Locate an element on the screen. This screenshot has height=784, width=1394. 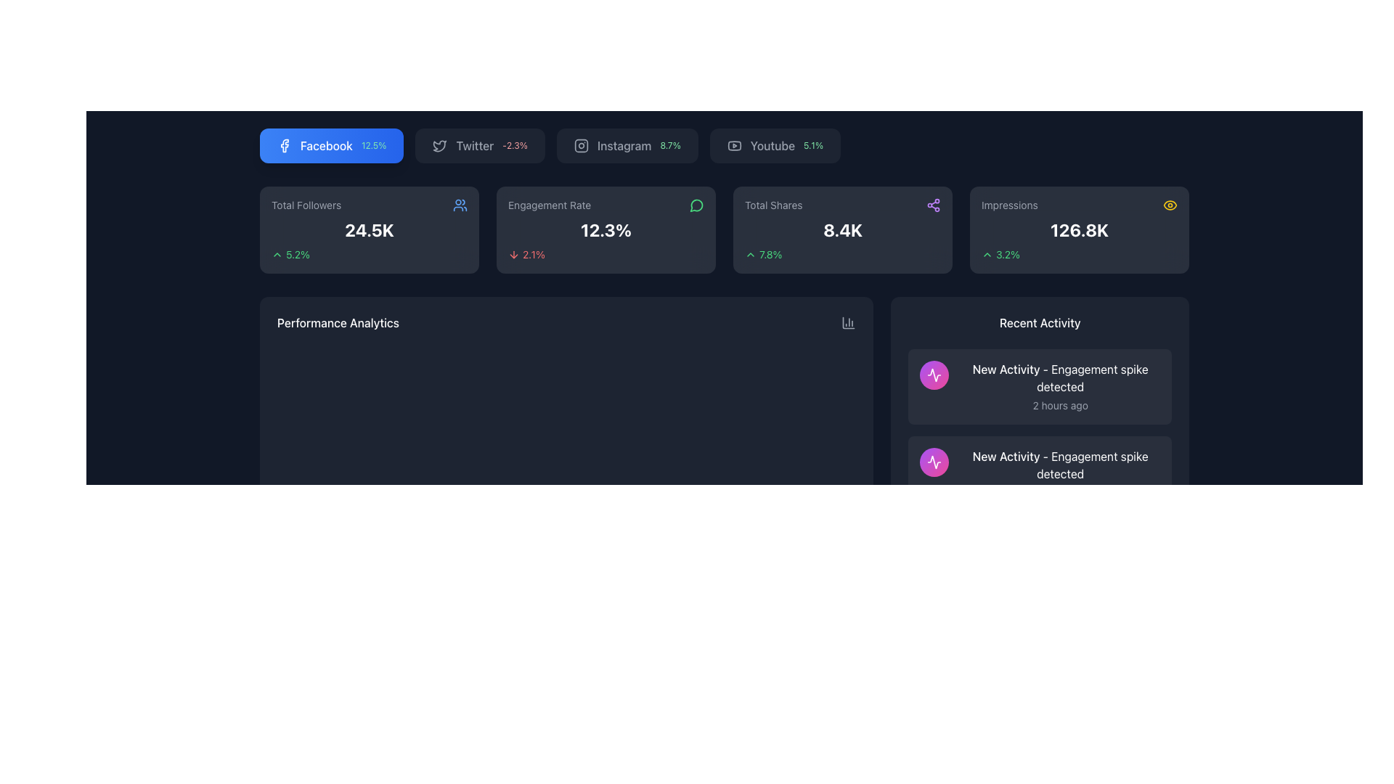
the Statistical text display showing '12.3%' within the 'Engagement Rate' card is located at coordinates (606, 229).